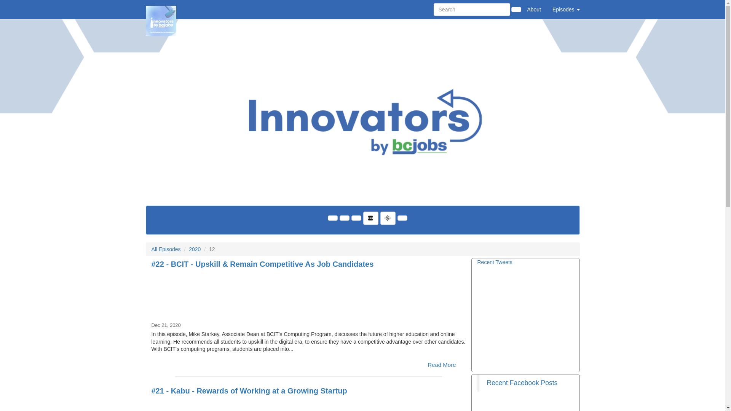 The width and height of the screenshot is (731, 411). I want to click on '2020', so click(195, 249).